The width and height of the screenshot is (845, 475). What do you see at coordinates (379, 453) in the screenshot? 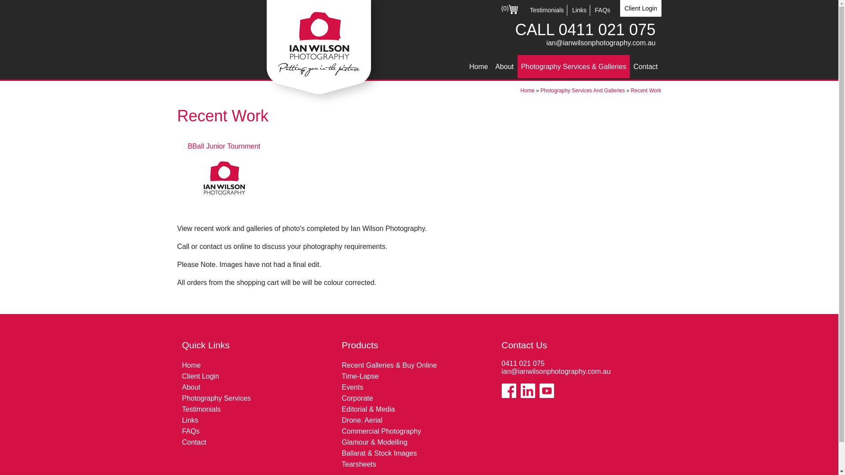
I see `'Ballarat & Stock Images'` at bounding box center [379, 453].